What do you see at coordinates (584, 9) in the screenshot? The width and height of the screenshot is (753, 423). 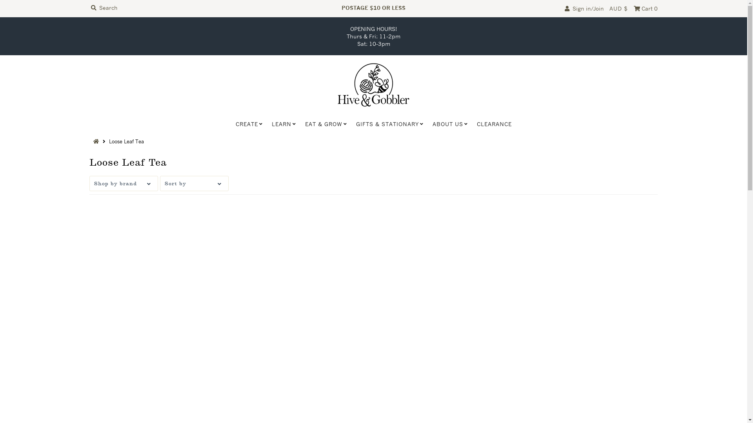 I see `'  Sign in/Join'` at bounding box center [584, 9].